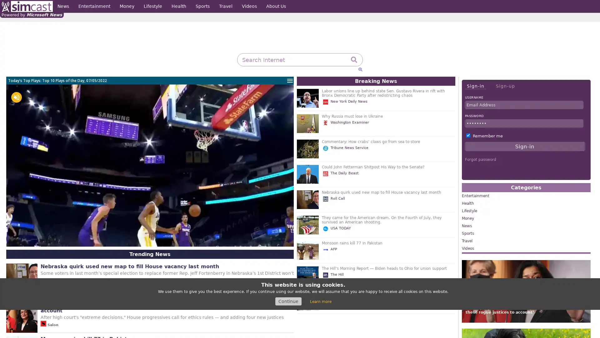  I want to click on Sign-in, so click(525, 146).